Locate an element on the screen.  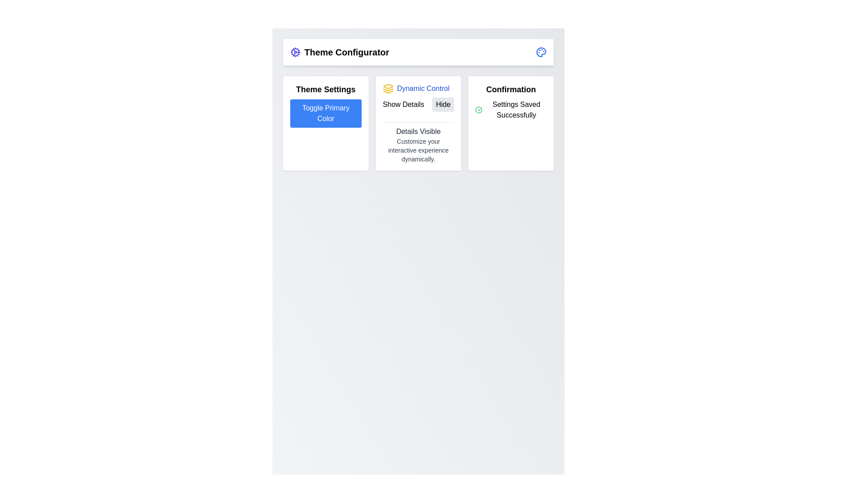
the text label displaying 'Details Visible' with medium gray text, located at the top-center of the 'Dynamic Control' section is located at coordinates (418, 132).